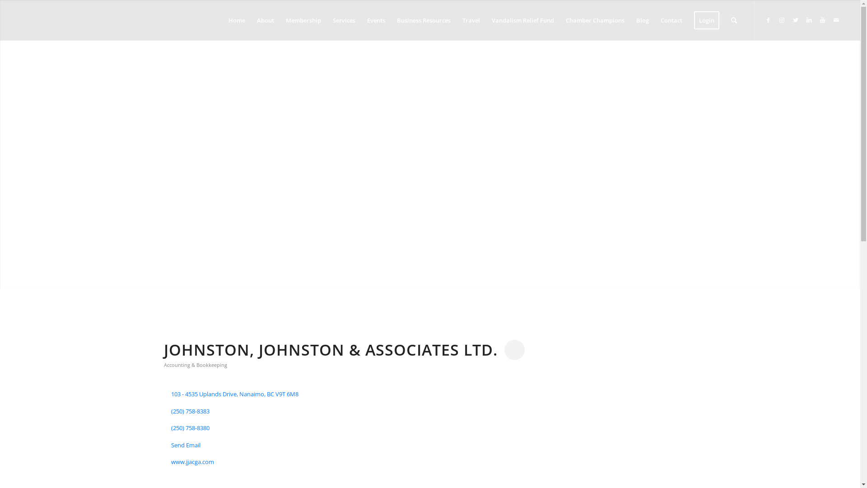 The width and height of the screenshot is (867, 488). What do you see at coordinates (265, 20) in the screenshot?
I see `'About'` at bounding box center [265, 20].